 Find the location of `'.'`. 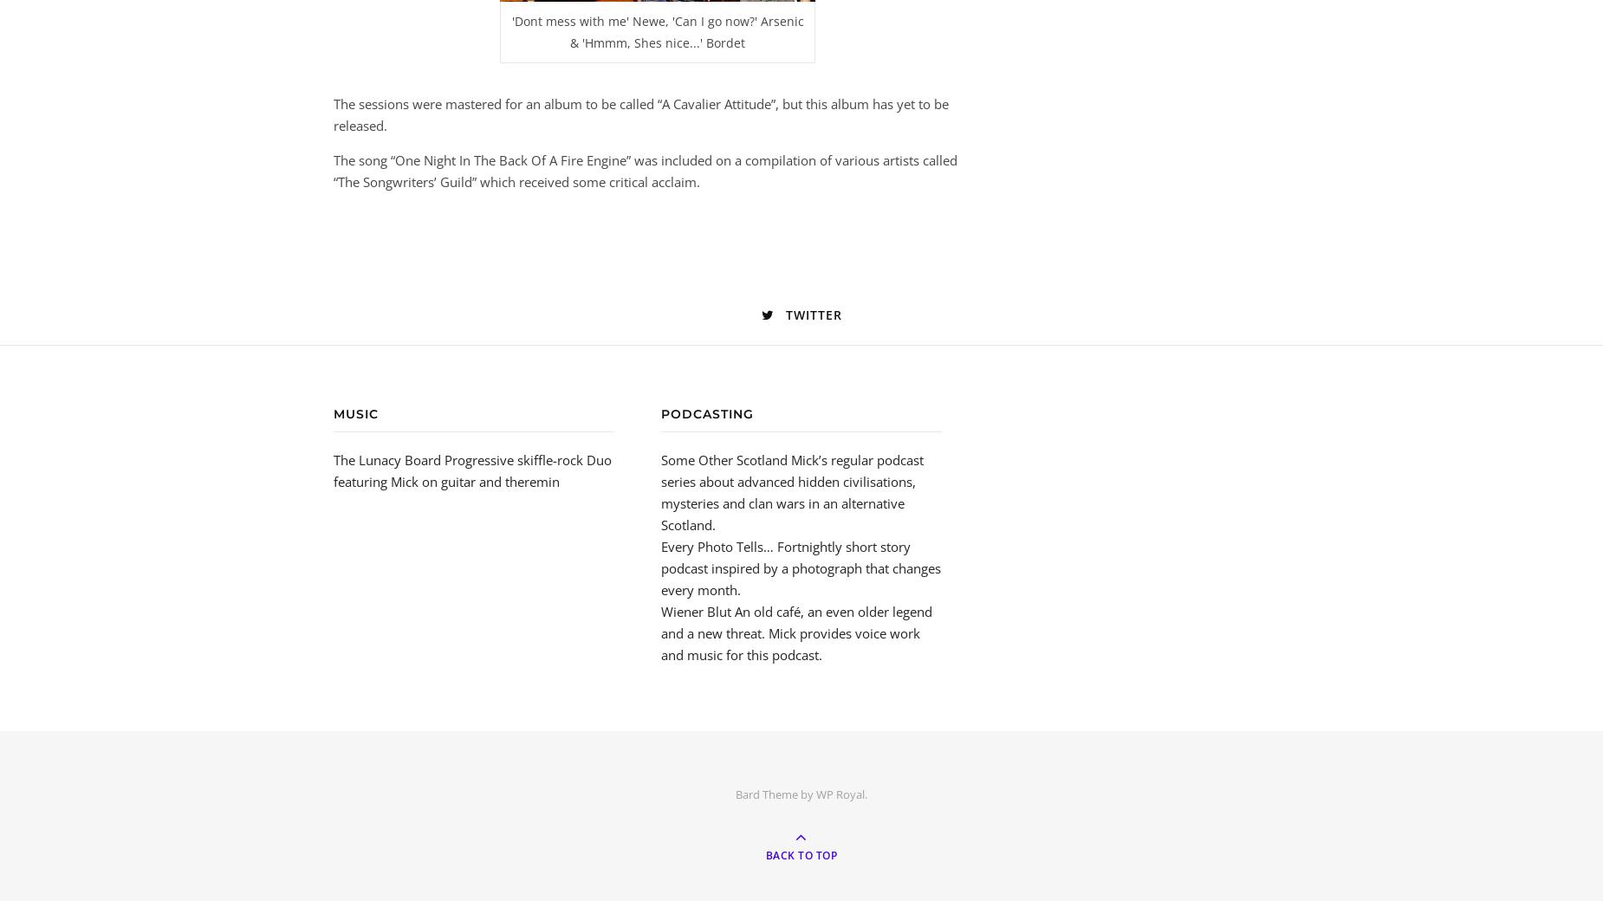

'.' is located at coordinates (865, 794).